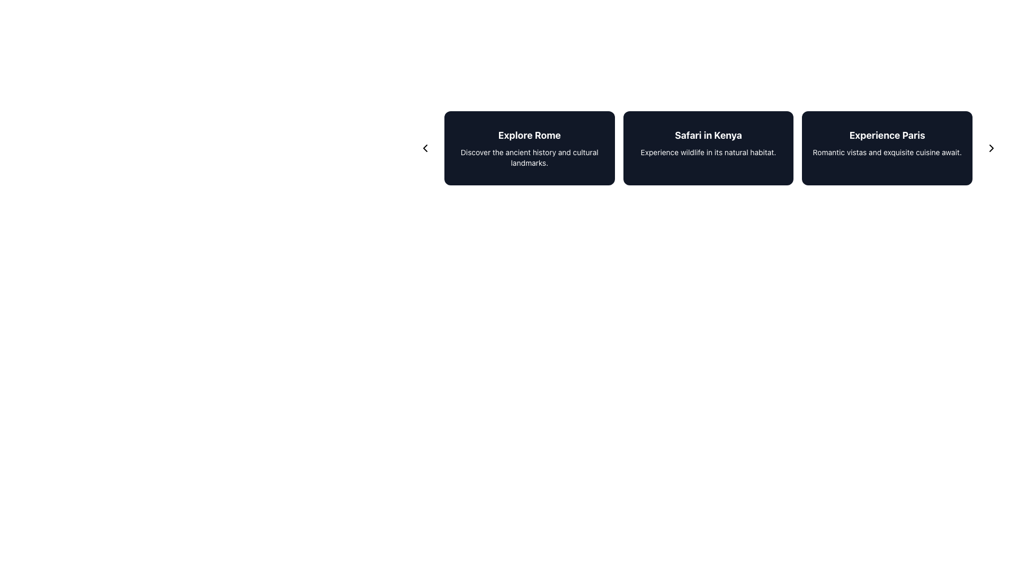 The image size is (1017, 572). Describe the element at coordinates (991, 148) in the screenshot. I see `the navigational control icon located in the center-right of the 'Experience Paris' card to proceed to the next set of items` at that location.